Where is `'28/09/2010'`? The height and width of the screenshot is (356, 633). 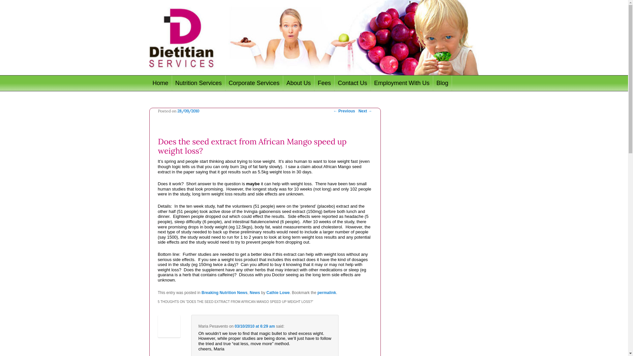 '28/09/2010' is located at coordinates (188, 110).